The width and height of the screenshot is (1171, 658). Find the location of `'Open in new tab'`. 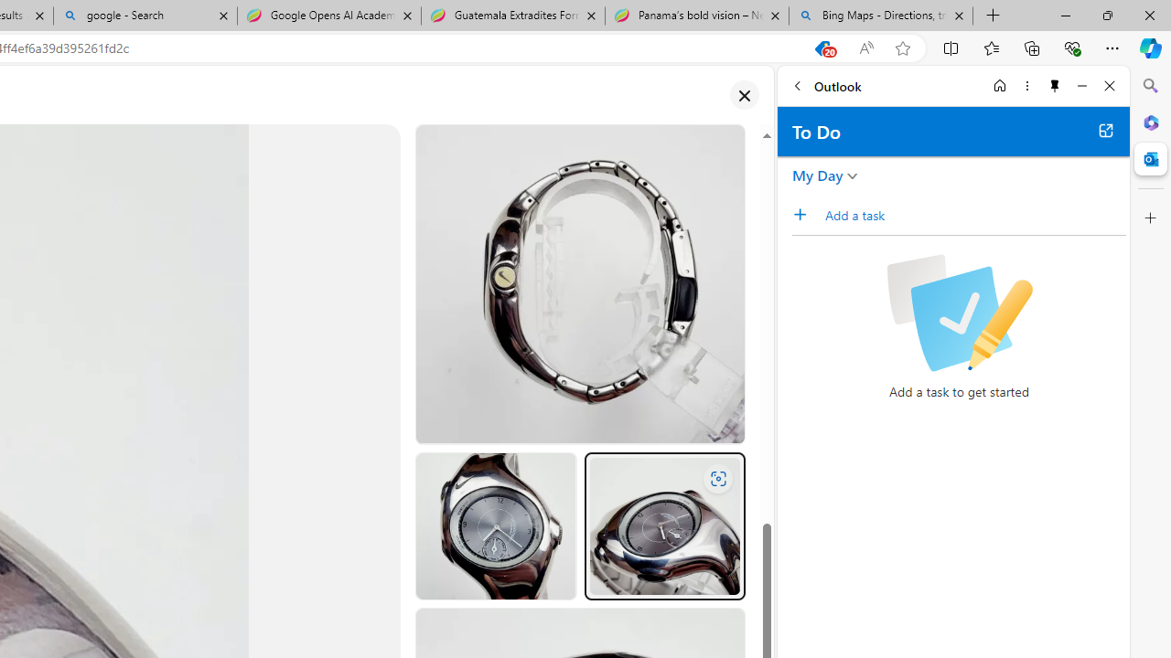

'Open in new tab' is located at coordinates (1104, 129).